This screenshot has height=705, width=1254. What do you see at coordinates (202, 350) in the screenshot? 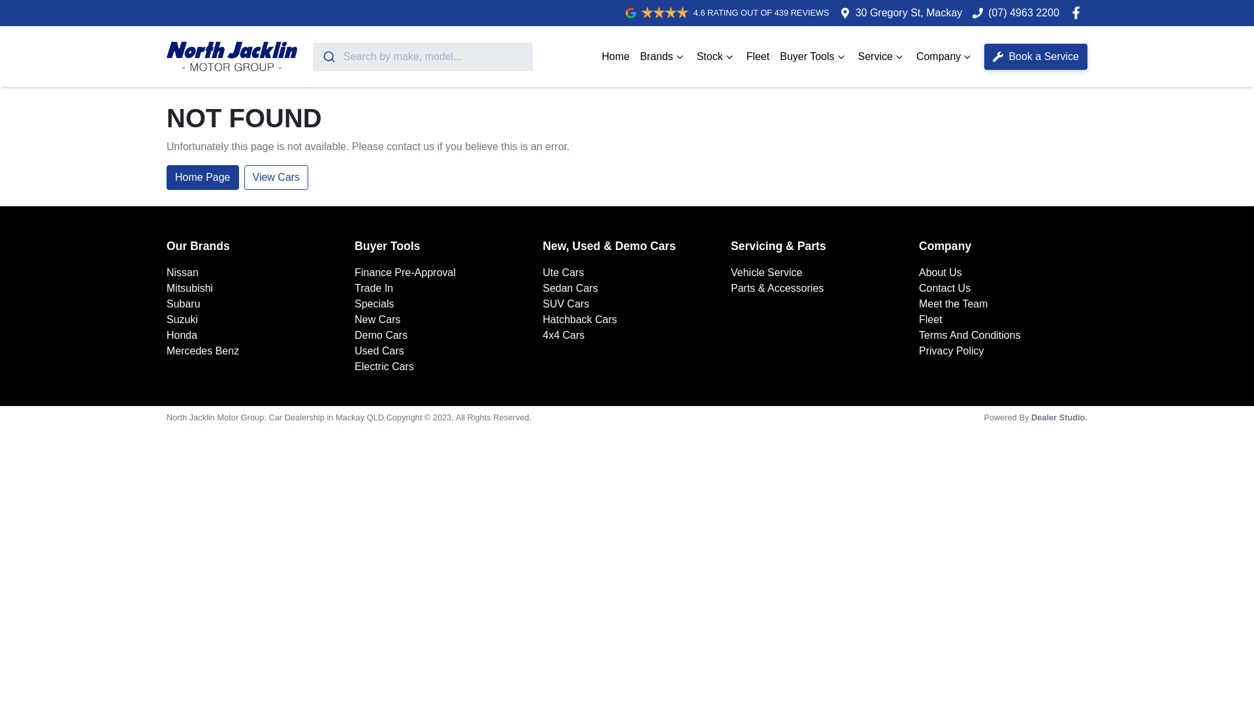
I see `'Mercedes Benz'` at bounding box center [202, 350].